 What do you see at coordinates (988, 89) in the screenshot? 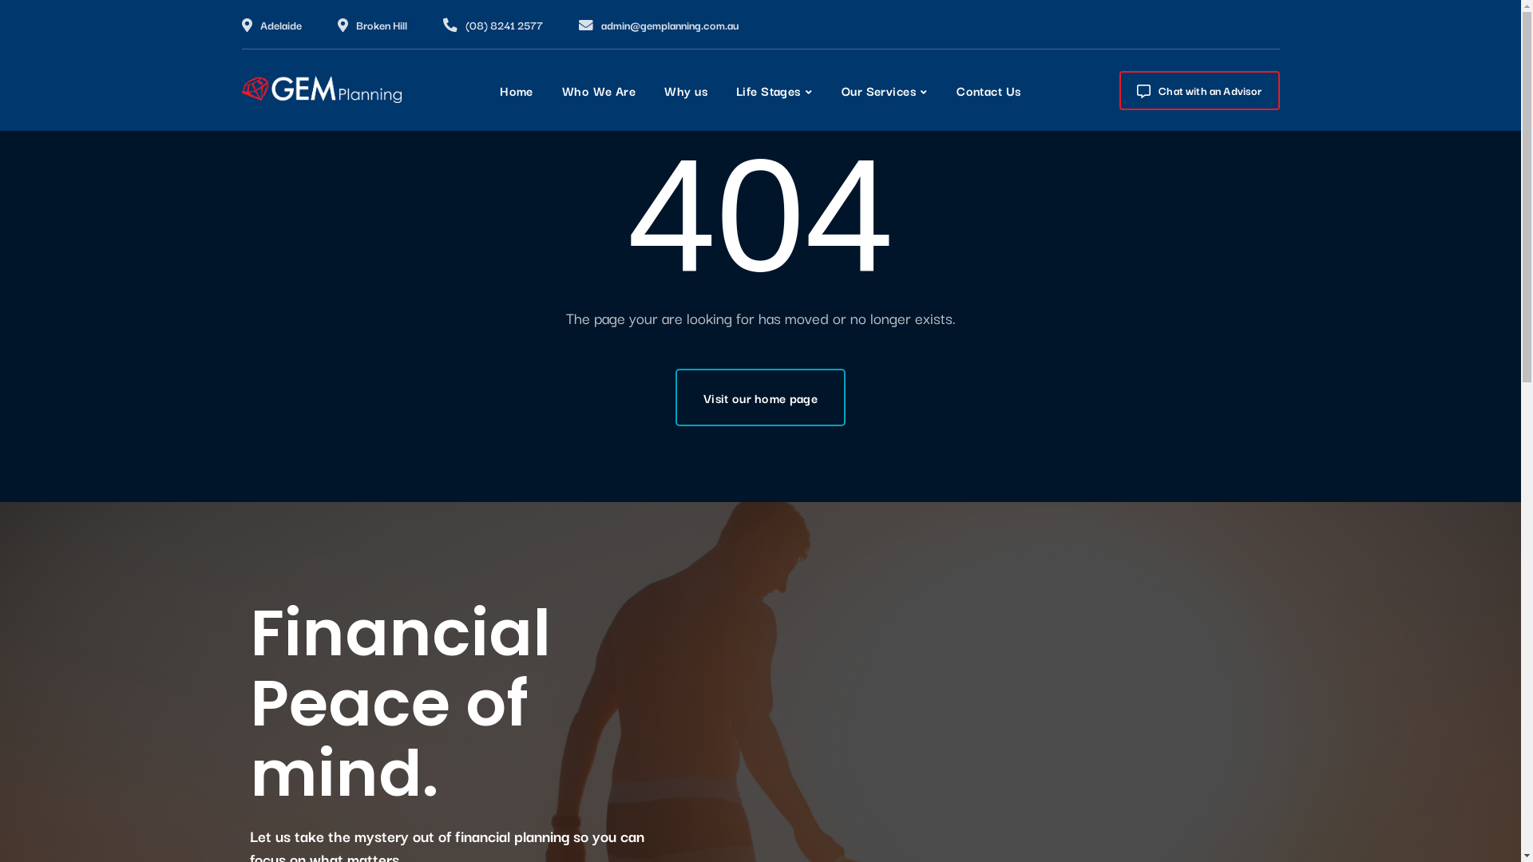
I see `'Contact Us'` at bounding box center [988, 89].